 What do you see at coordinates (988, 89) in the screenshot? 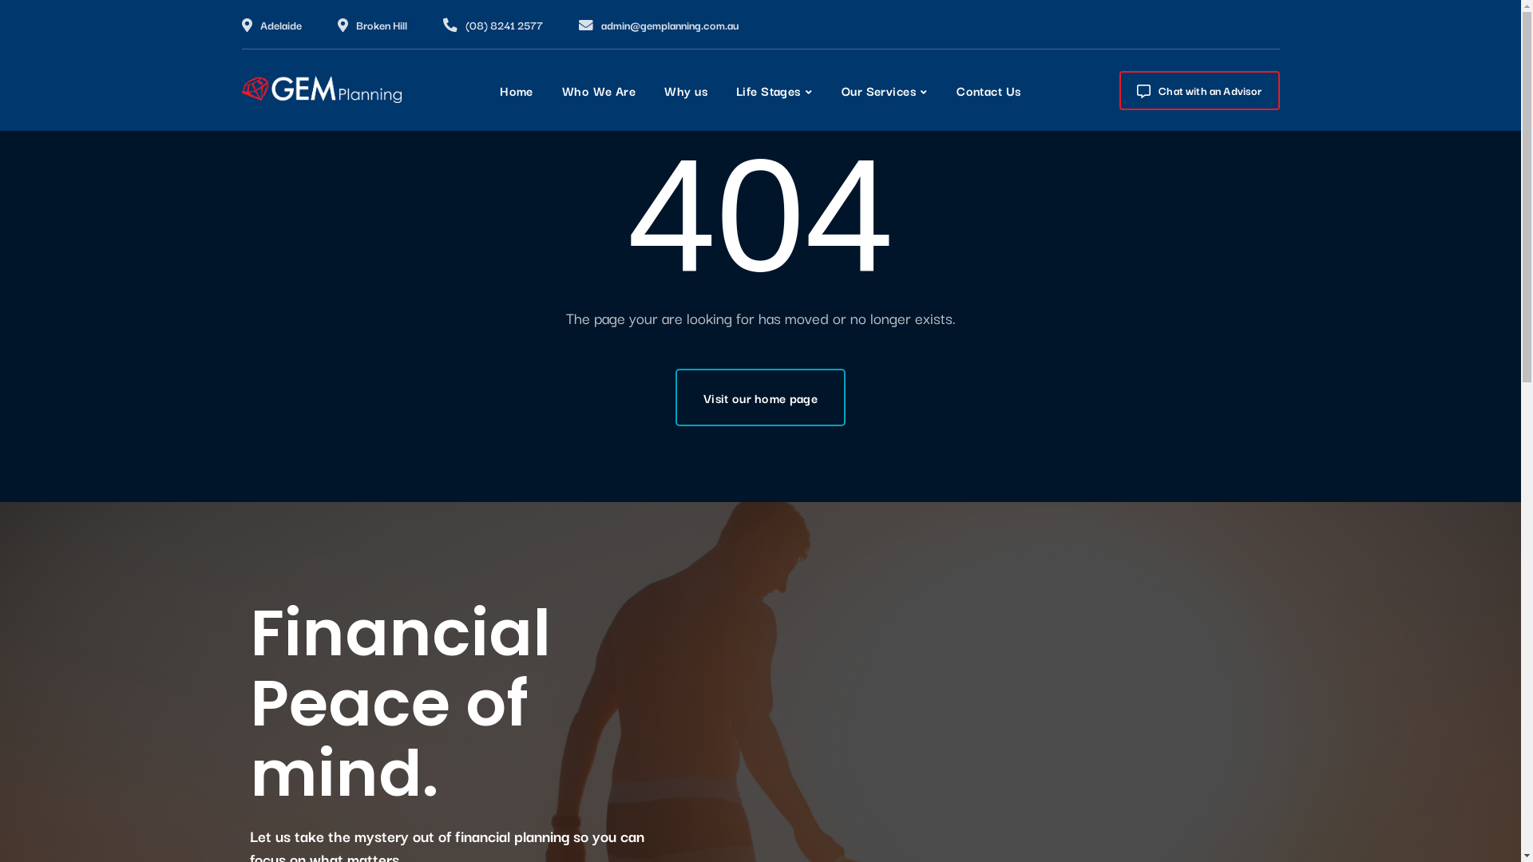
I see `'Contact Us'` at bounding box center [988, 89].